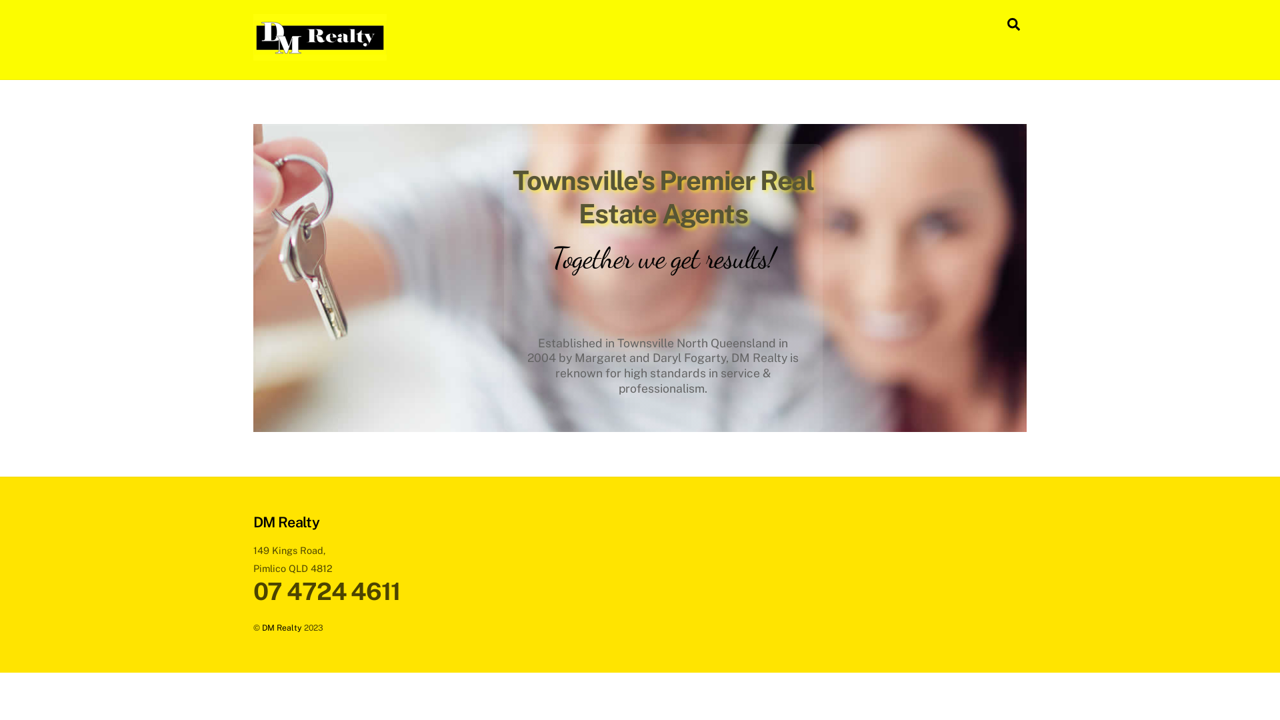  What do you see at coordinates (1013, 23) in the screenshot?
I see `'Search'` at bounding box center [1013, 23].